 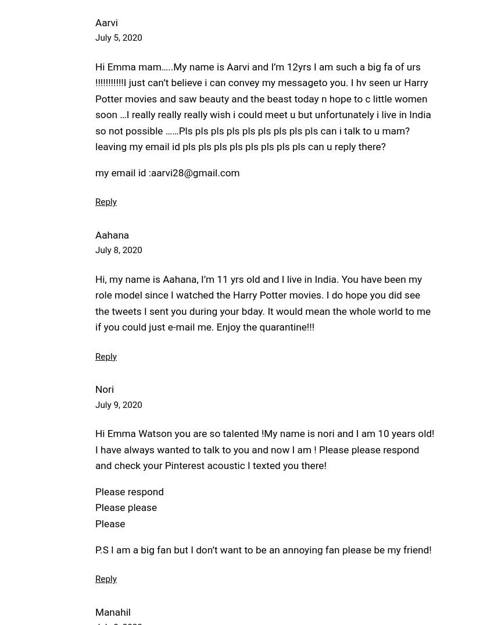 I want to click on 'Nori', so click(x=104, y=388).